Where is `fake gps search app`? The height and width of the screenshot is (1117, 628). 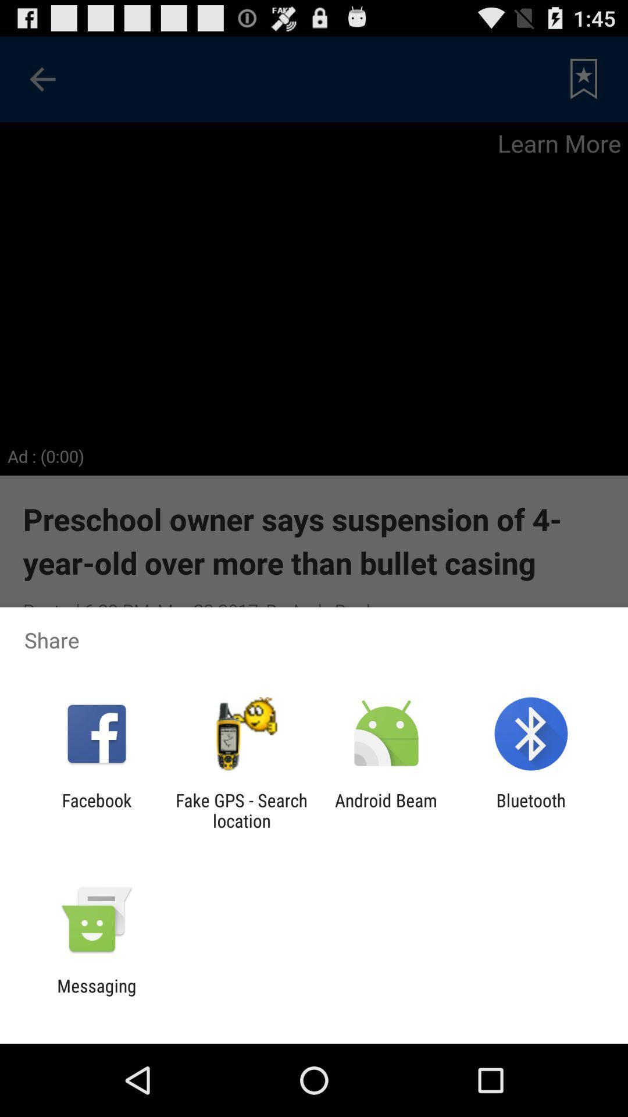
fake gps search app is located at coordinates (241, 810).